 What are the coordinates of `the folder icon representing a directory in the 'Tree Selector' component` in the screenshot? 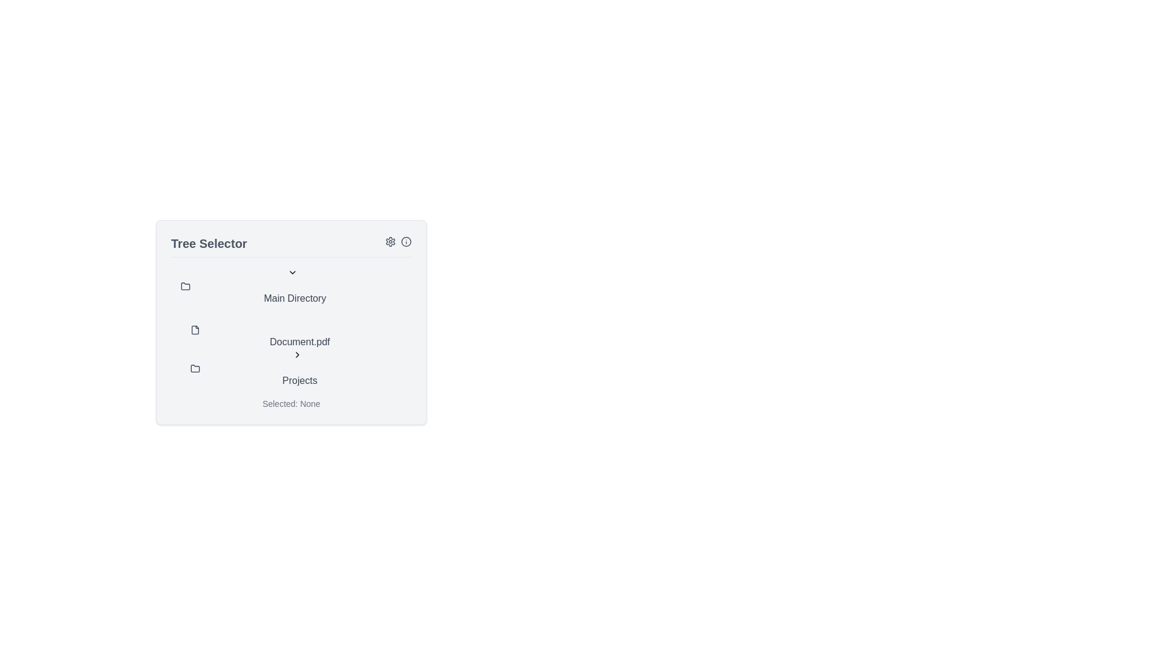 It's located at (195, 368).